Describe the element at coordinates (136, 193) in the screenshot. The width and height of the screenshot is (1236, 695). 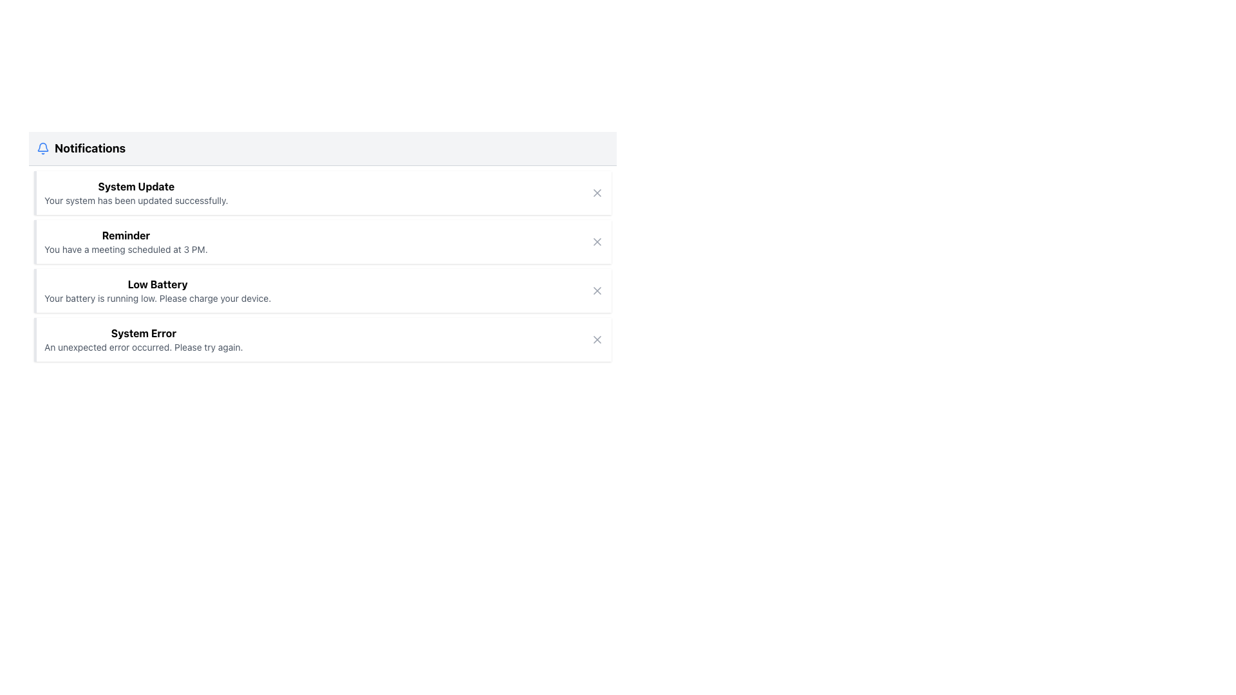
I see `notification message indicating that the system update was successful, which is the first entry in the vertical list of notifications located in the upper-left corner of the notification area` at that location.